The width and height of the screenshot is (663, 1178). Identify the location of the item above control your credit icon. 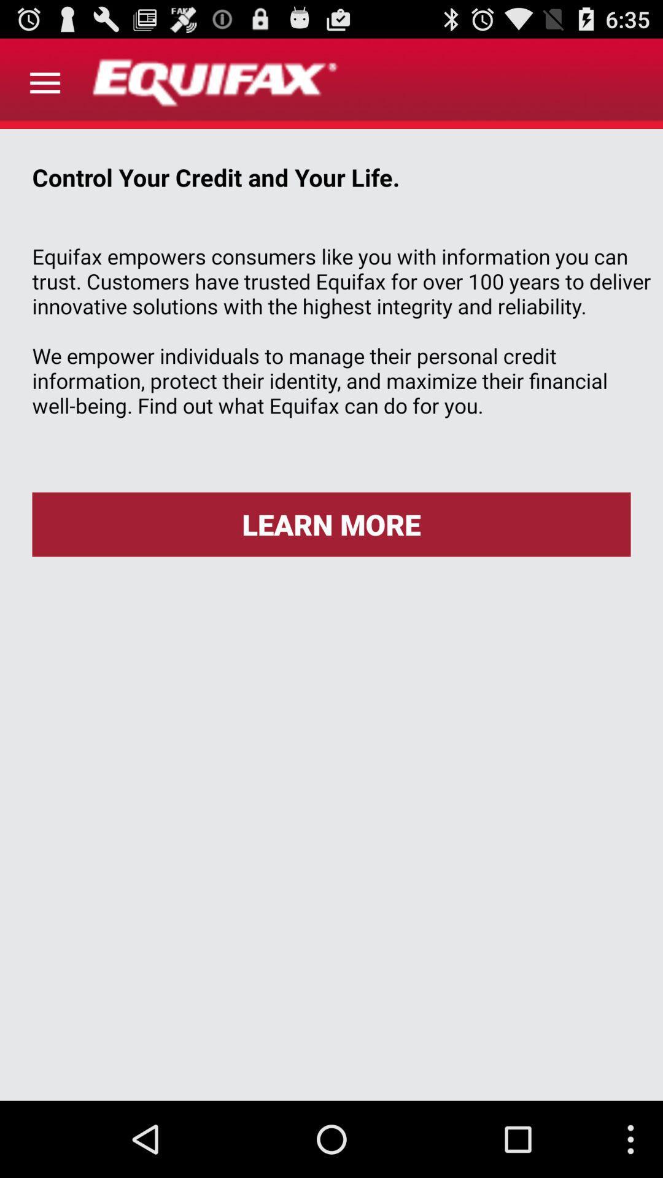
(44, 83).